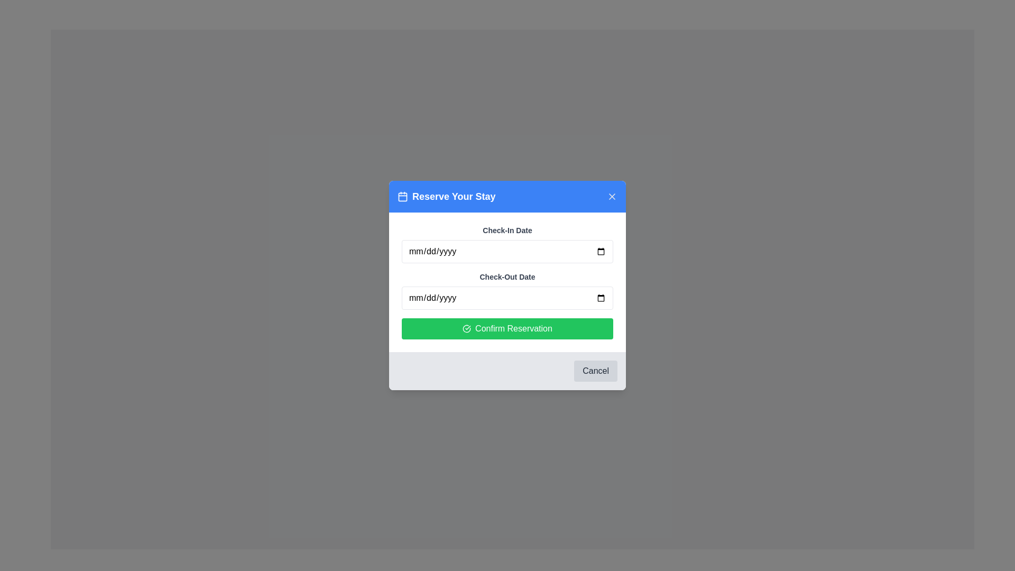 Image resolution: width=1015 pixels, height=571 pixels. I want to click on the icon resembling a diagonal cross ('X') located in the top-right corner of the 'Reserve Your Stay' dialog box, which is part of a button for closing the dialog, so click(612, 196).